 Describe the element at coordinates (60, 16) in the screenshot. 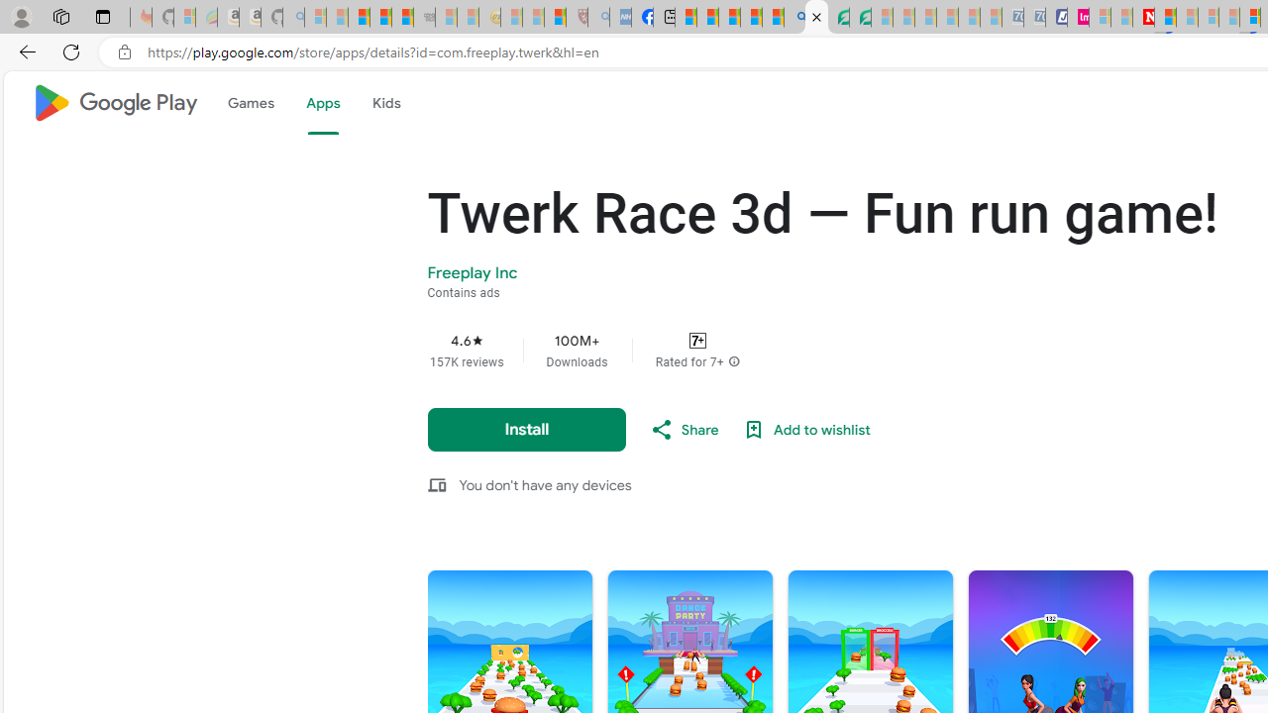

I see `'Workspaces'` at that location.